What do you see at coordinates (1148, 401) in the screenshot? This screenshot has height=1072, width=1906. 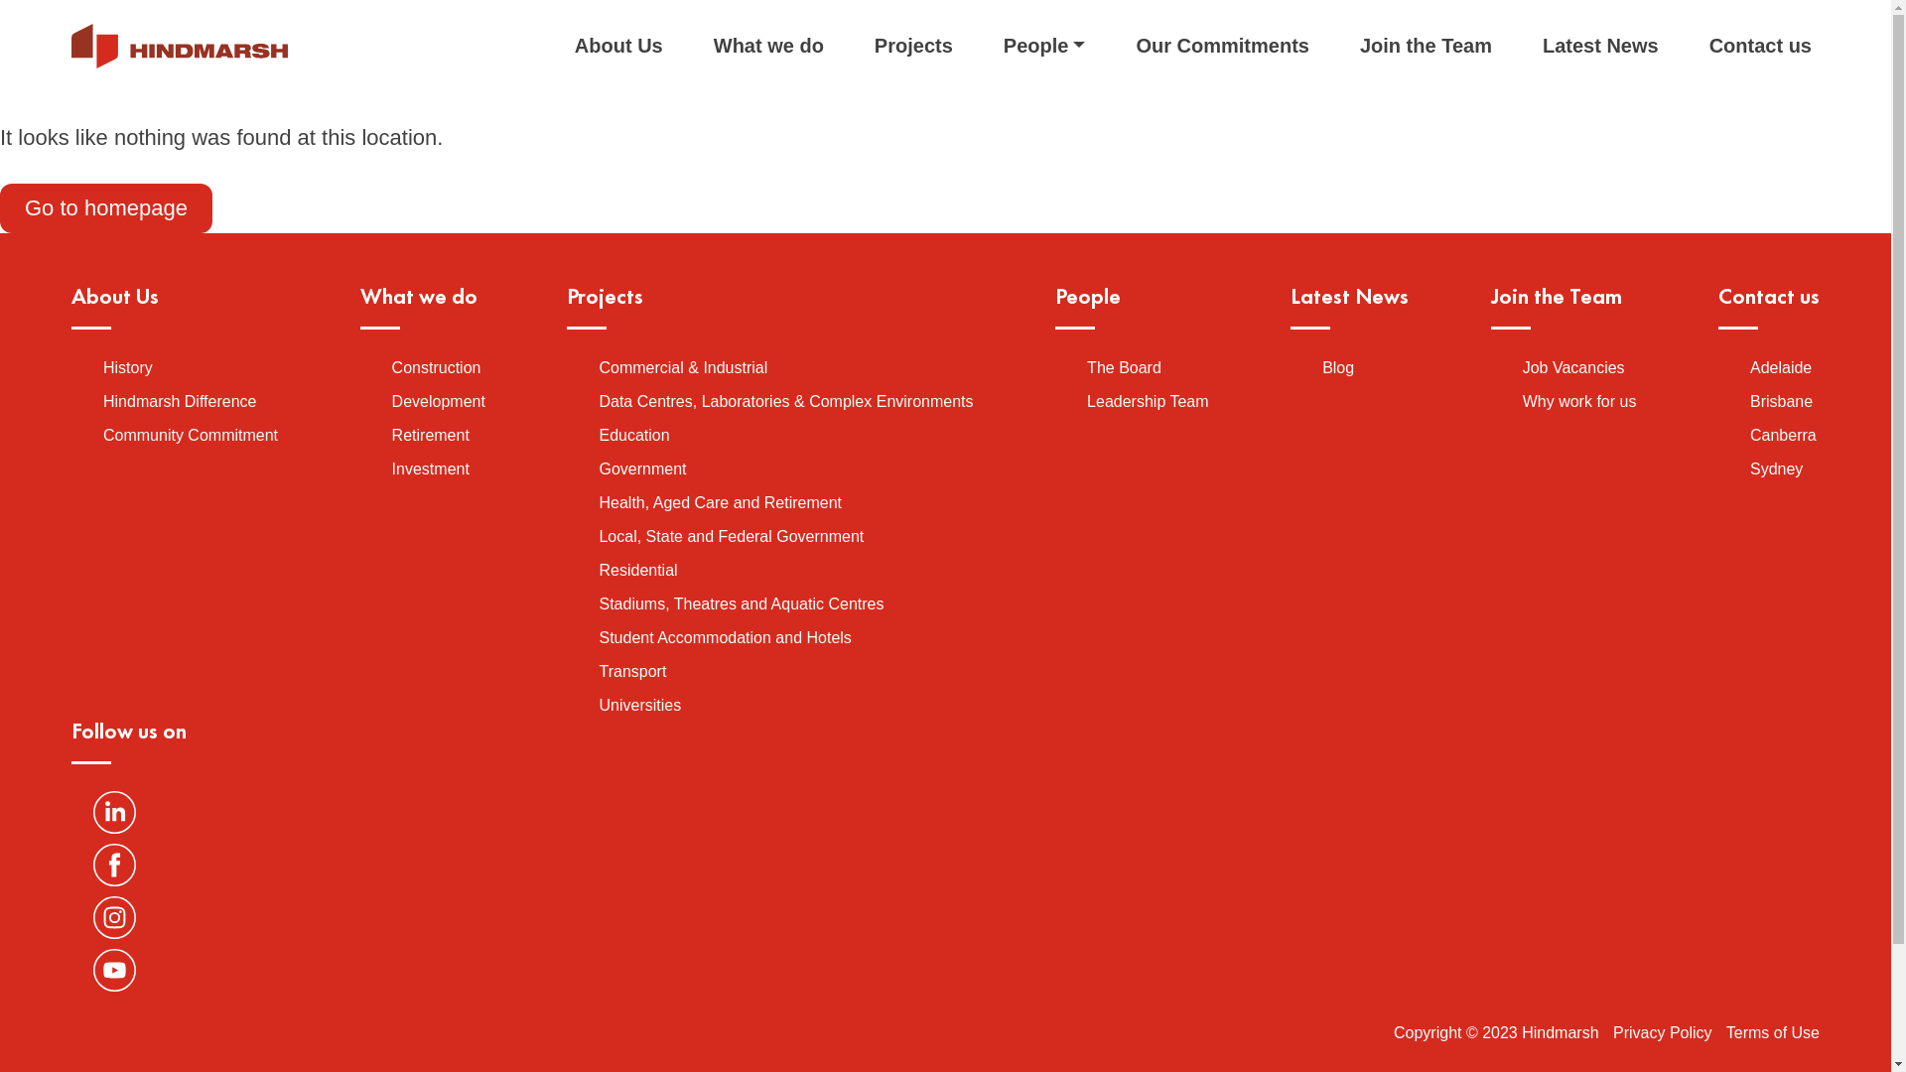 I see `'Leadership Team'` at bounding box center [1148, 401].